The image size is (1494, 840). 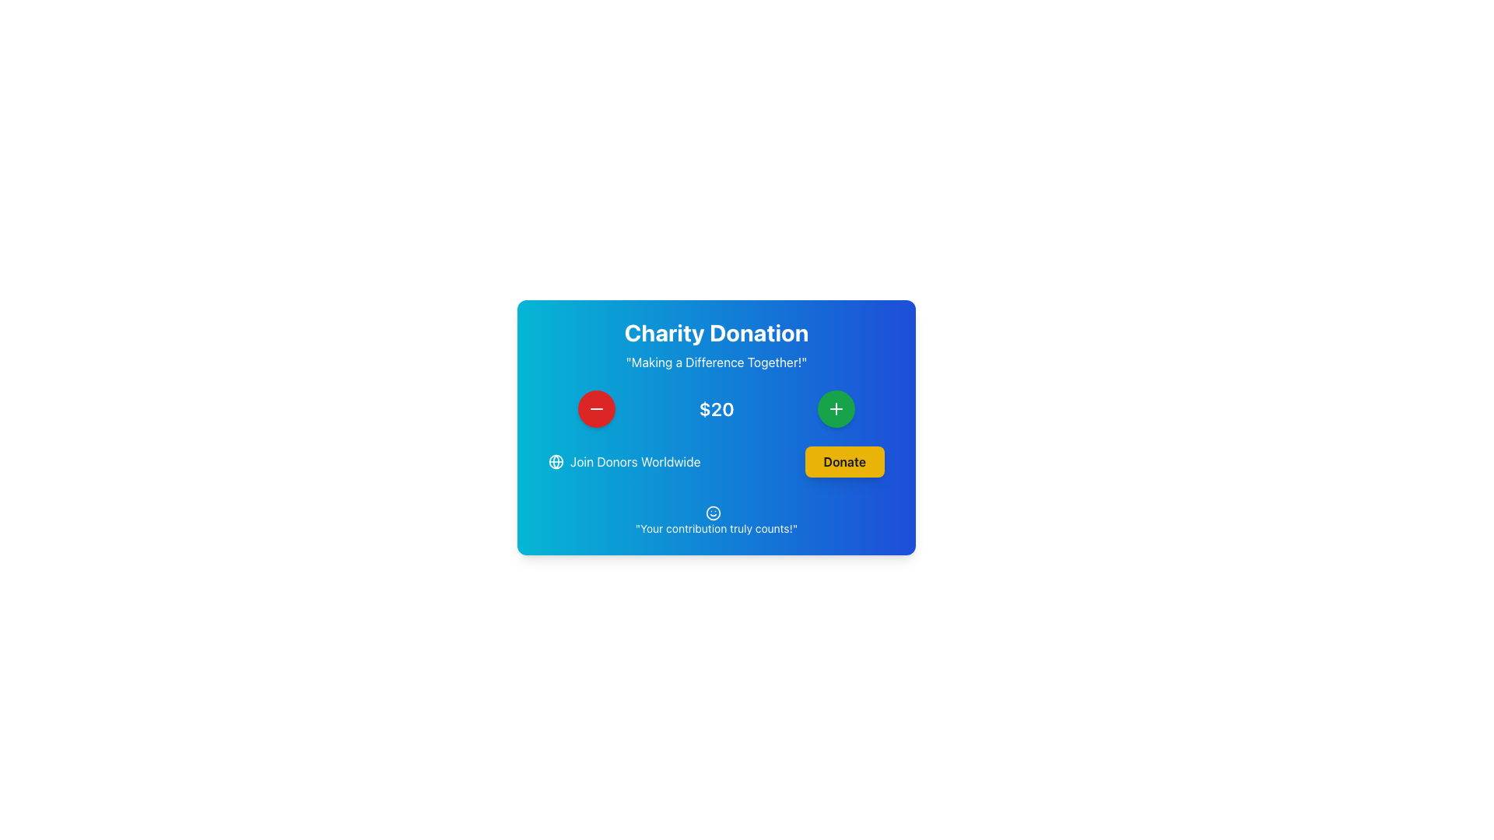 I want to click on the plus symbol icon located within a circular button on the right side of the card component, adjacent to the yellow 'Donate' button, so click(x=836, y=408).